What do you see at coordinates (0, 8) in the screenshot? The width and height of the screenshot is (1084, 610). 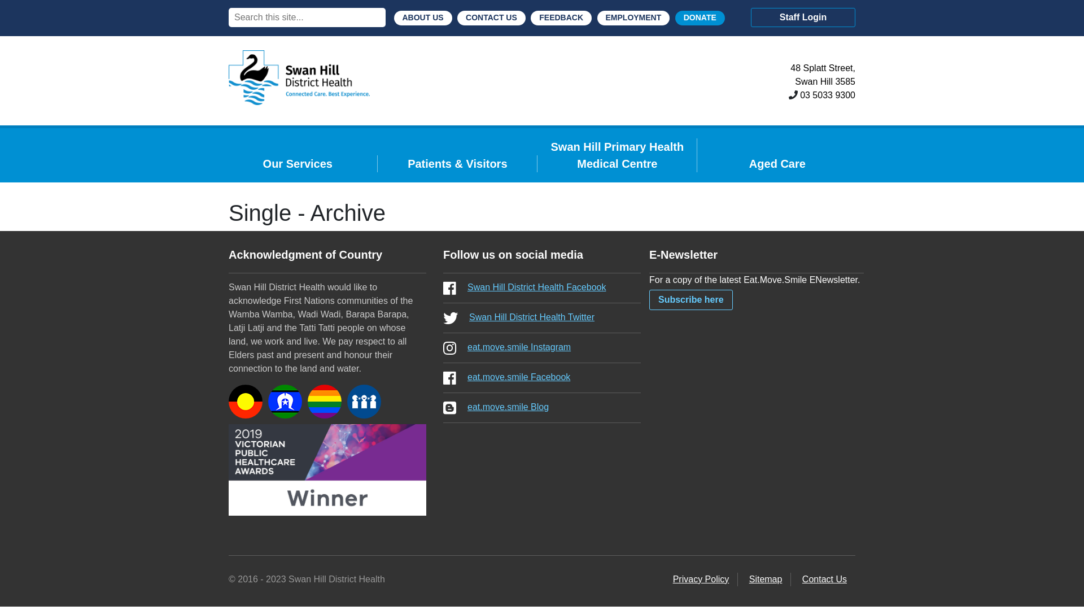 I see `'Search'` at bounding box center [0, 8].